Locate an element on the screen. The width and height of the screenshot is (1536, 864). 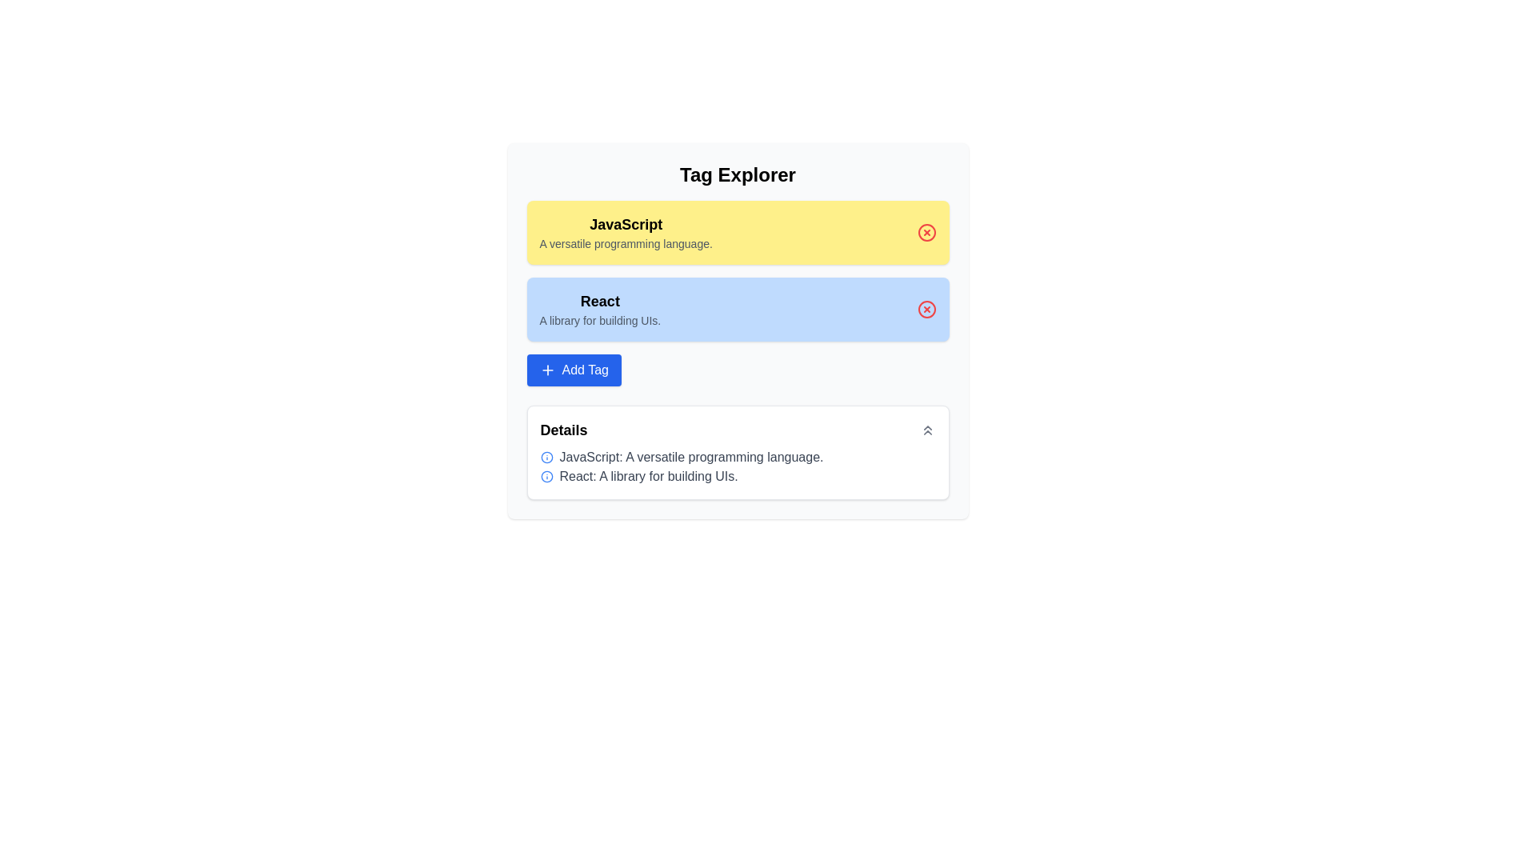
the remove button located at the far right side of the yellow panel that contains the text 'JavaScript' and 'A versatile programming language.' is located at coordinates (926, 232).